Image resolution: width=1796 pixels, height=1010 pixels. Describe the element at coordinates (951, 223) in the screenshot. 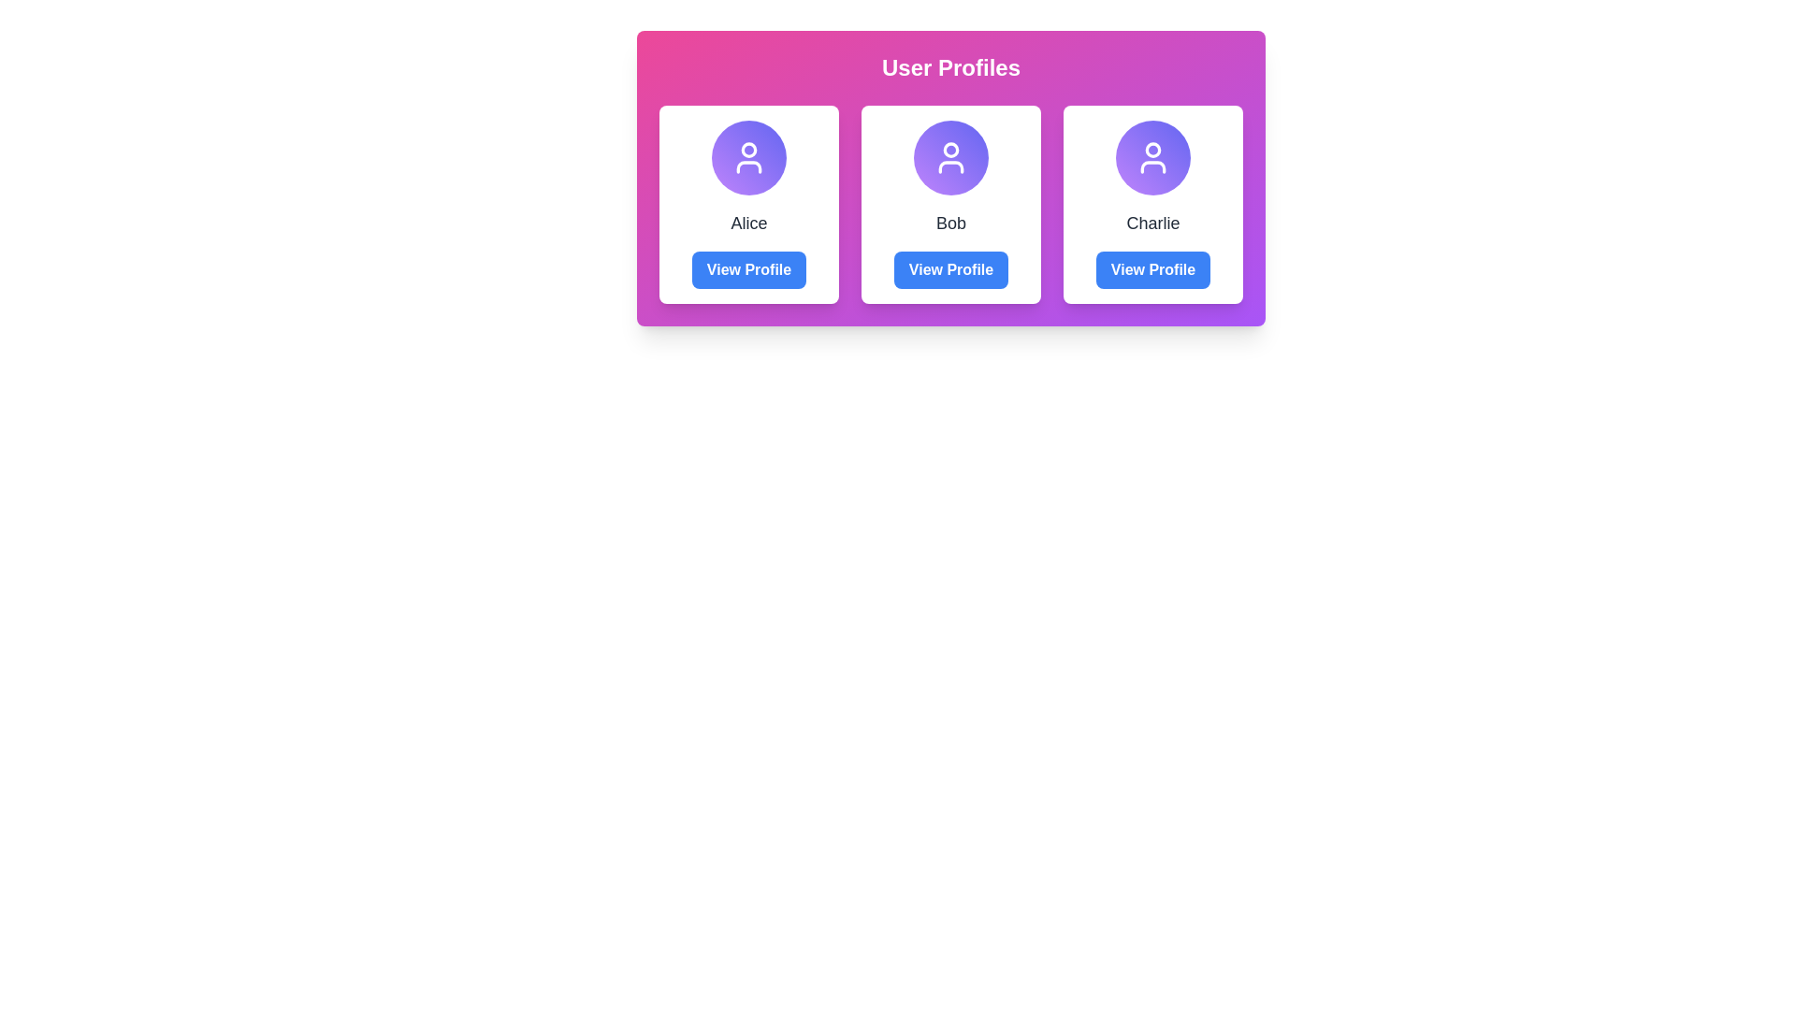

I see `the text label displaying the name 'Bob'` at that location.